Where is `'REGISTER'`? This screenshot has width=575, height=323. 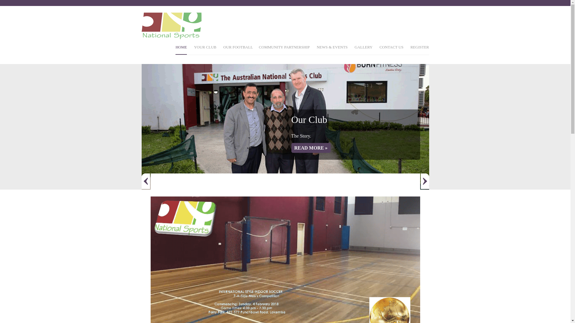
'REGISTER' is located at coordinates (419, 49).